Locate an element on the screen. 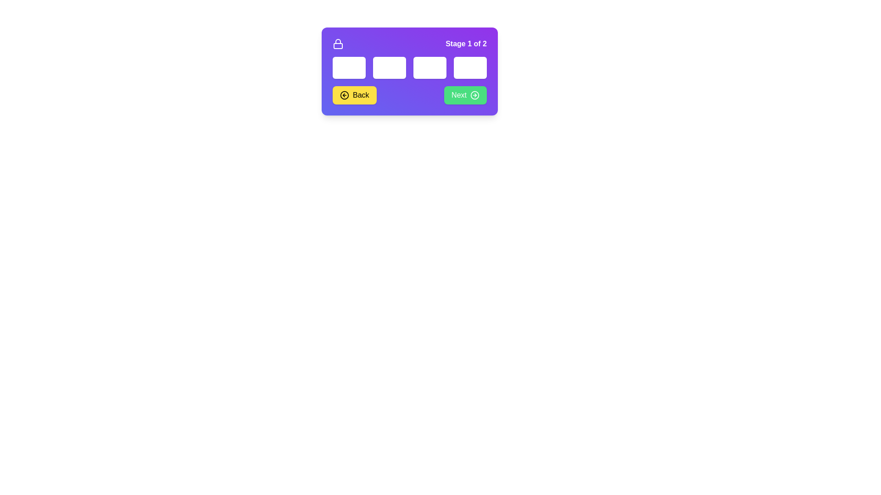 Image resolution: width=881 pixels, height=495 pixels. the outlined SVG circle that is part of the 'Next' button located in the bottom-right of the card is located at coordinates (475, 95).